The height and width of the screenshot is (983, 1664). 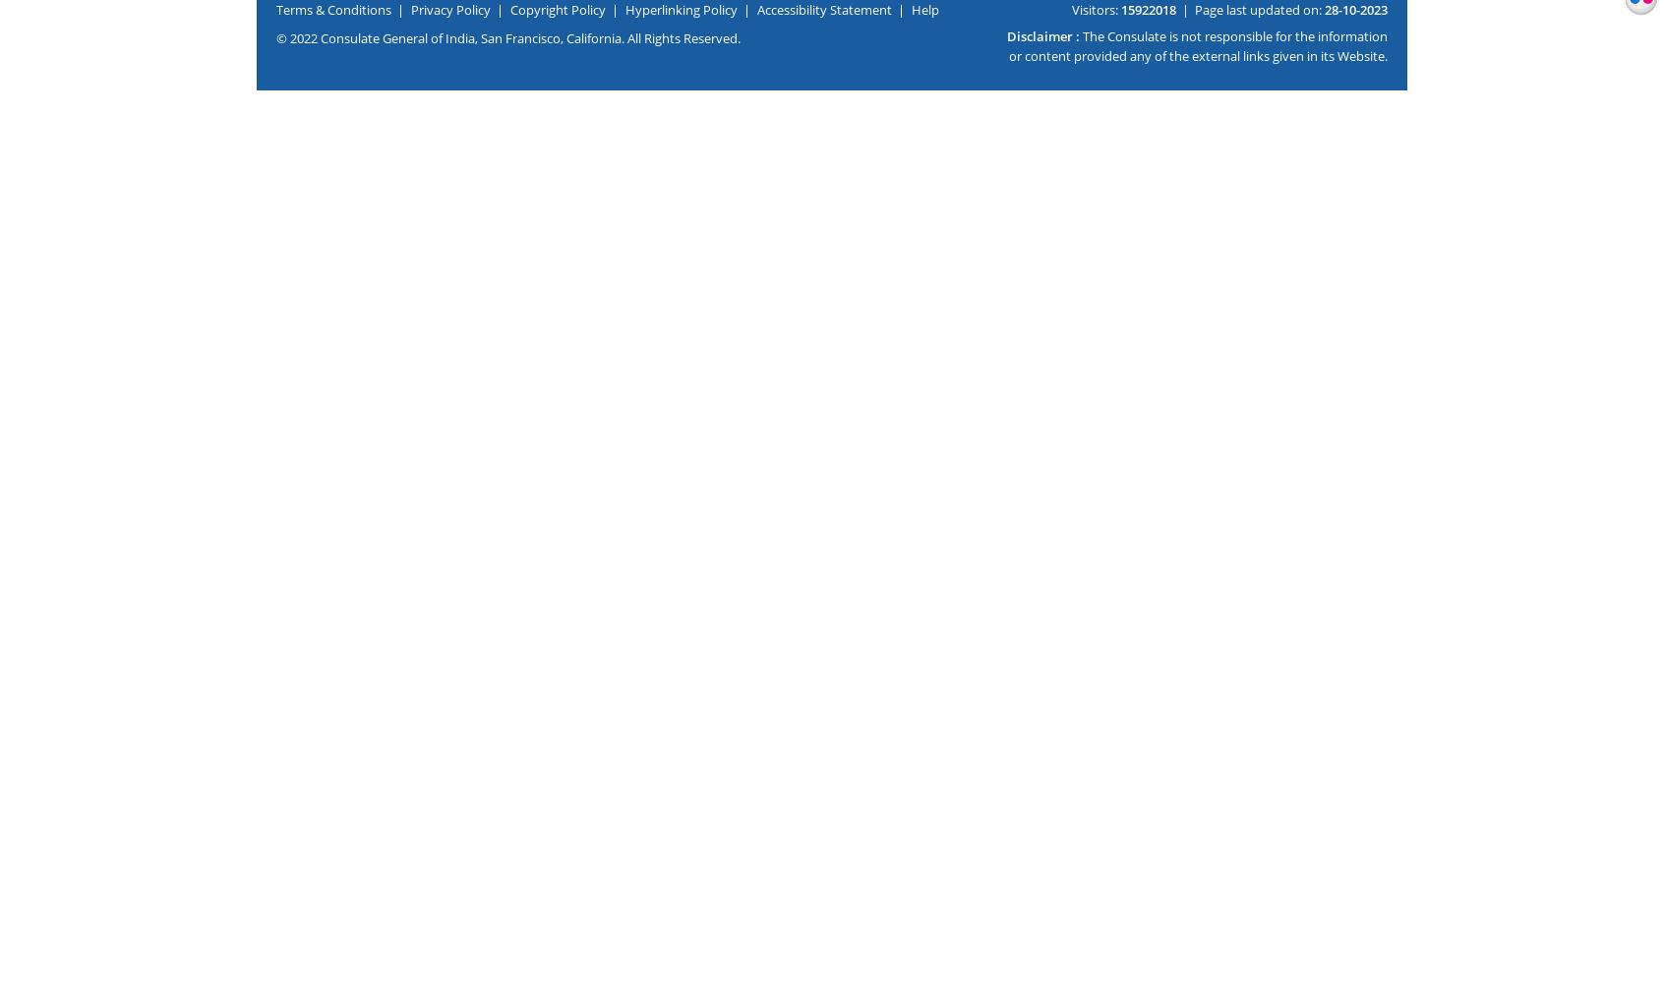 I want to click on 'Hyperlinking Policy', so click(x=682, y=9).